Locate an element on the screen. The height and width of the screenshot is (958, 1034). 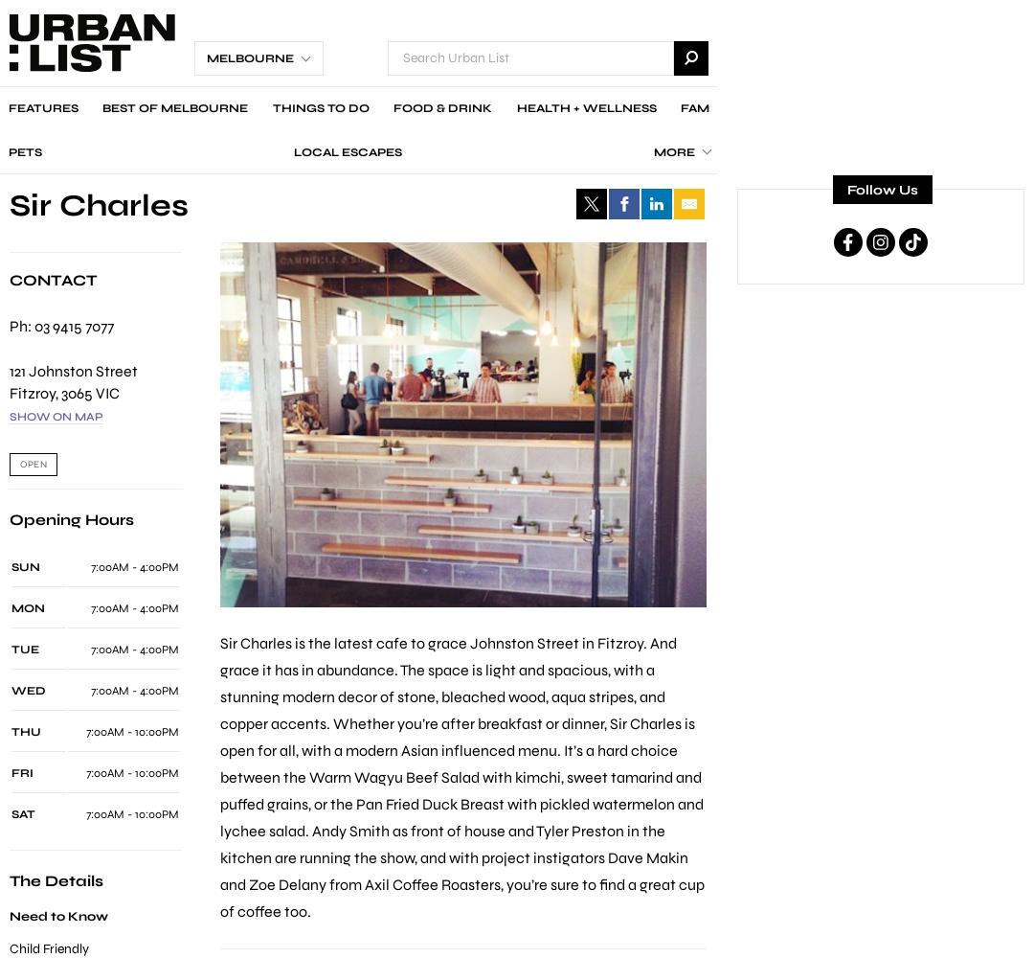
'Show on map' is located at coordinates (10, 417).